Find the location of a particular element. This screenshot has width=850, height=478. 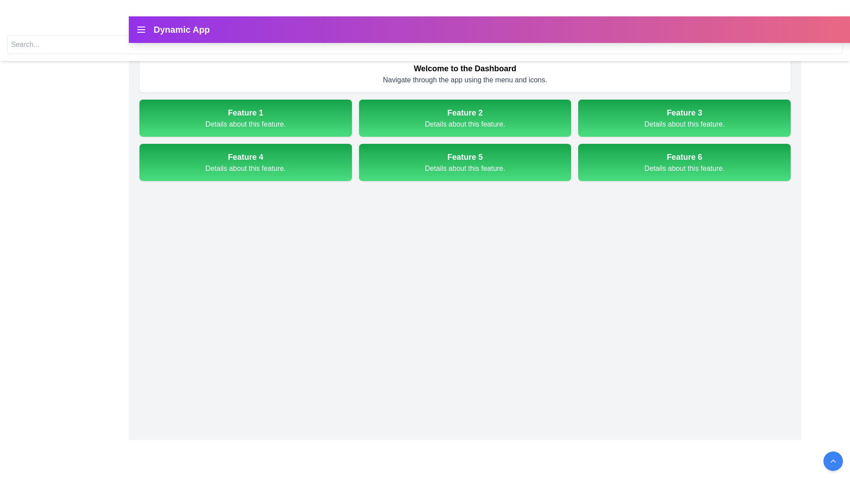

the smaller text component providing additional information about the feature highlighted in the box labeled 'Feature 2', positioned directly below the larger title text is located at coordinates (464, 124).